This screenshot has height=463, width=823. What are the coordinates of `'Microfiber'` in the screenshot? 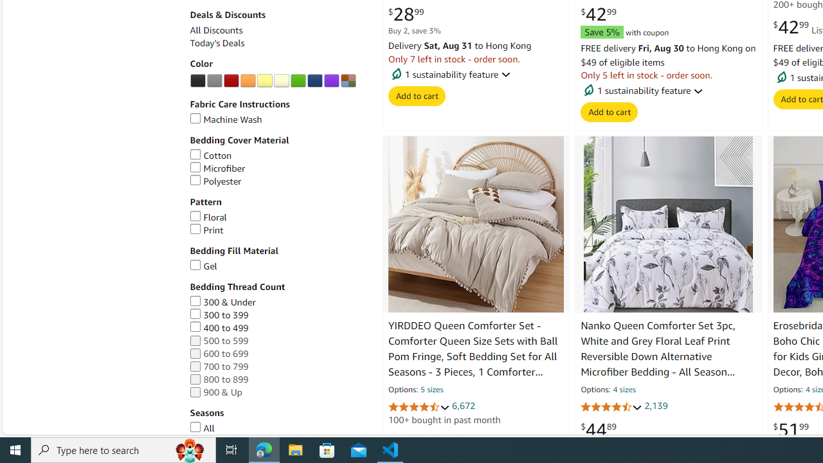 It's located at (217, 168).